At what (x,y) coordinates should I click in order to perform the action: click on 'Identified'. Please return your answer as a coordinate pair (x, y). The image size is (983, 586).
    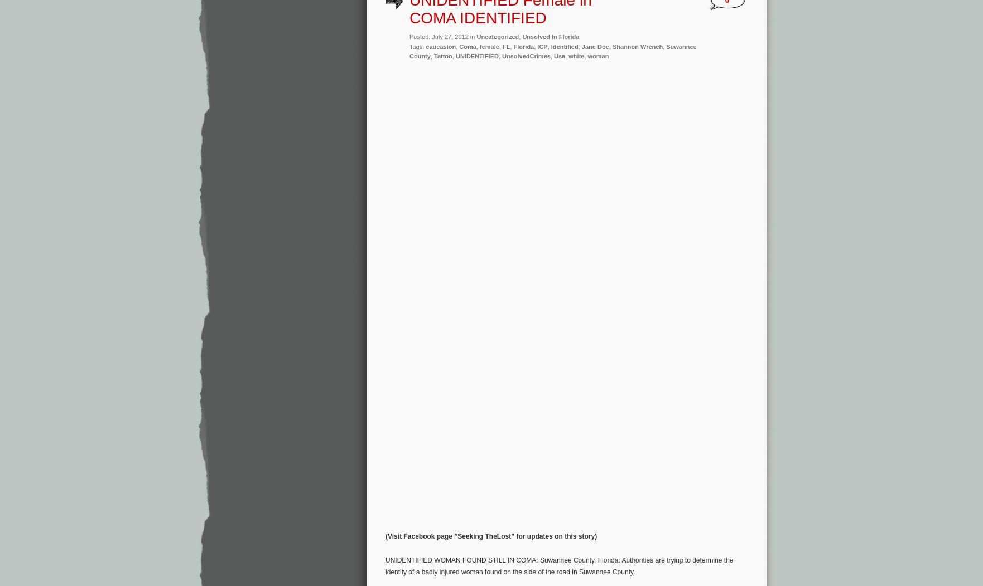
    Looking at the image, I should click on (564, 46).